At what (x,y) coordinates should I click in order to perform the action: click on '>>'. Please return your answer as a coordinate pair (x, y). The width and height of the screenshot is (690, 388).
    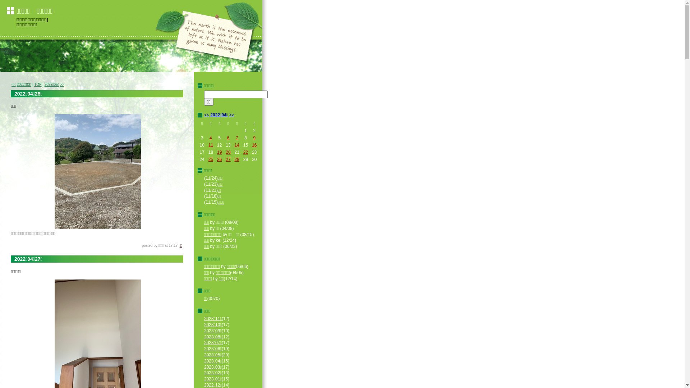
    Looking at the image, I should click on (62, 84).